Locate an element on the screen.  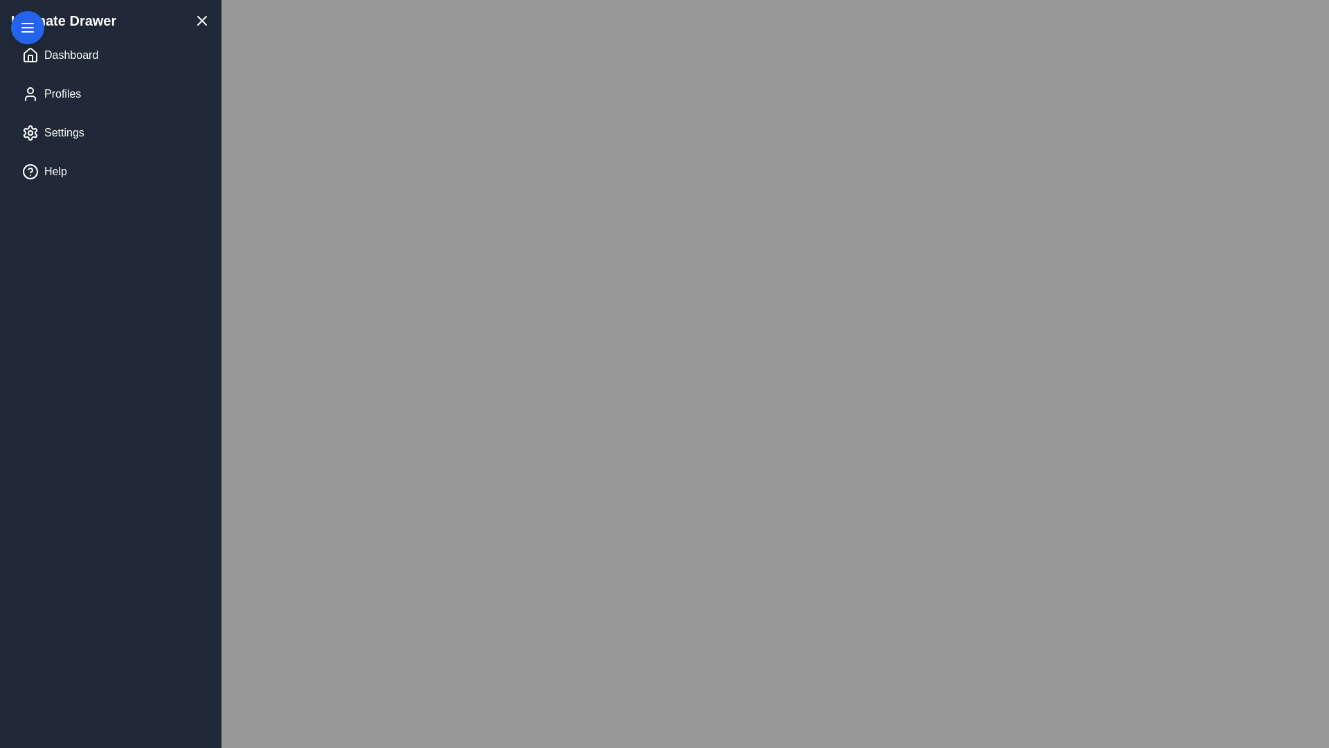
the decorative vertical line within the house icon located to the left of the 'Dashboard' text label in the navigation drawer is located at coordinates (30, 57).